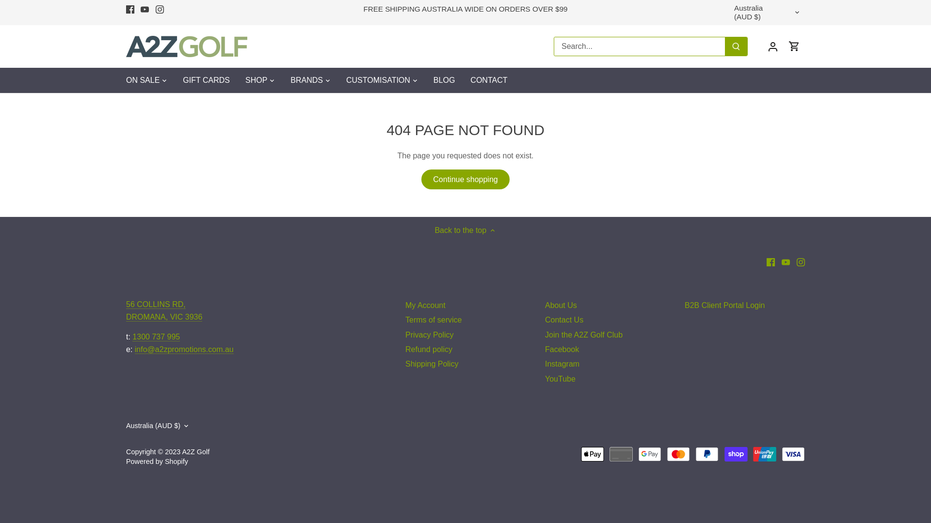 Image resolution: width=931 pixels, height=523 pixels. I want to click on 'Join the A2Z Golf Club', so click(583, 334).